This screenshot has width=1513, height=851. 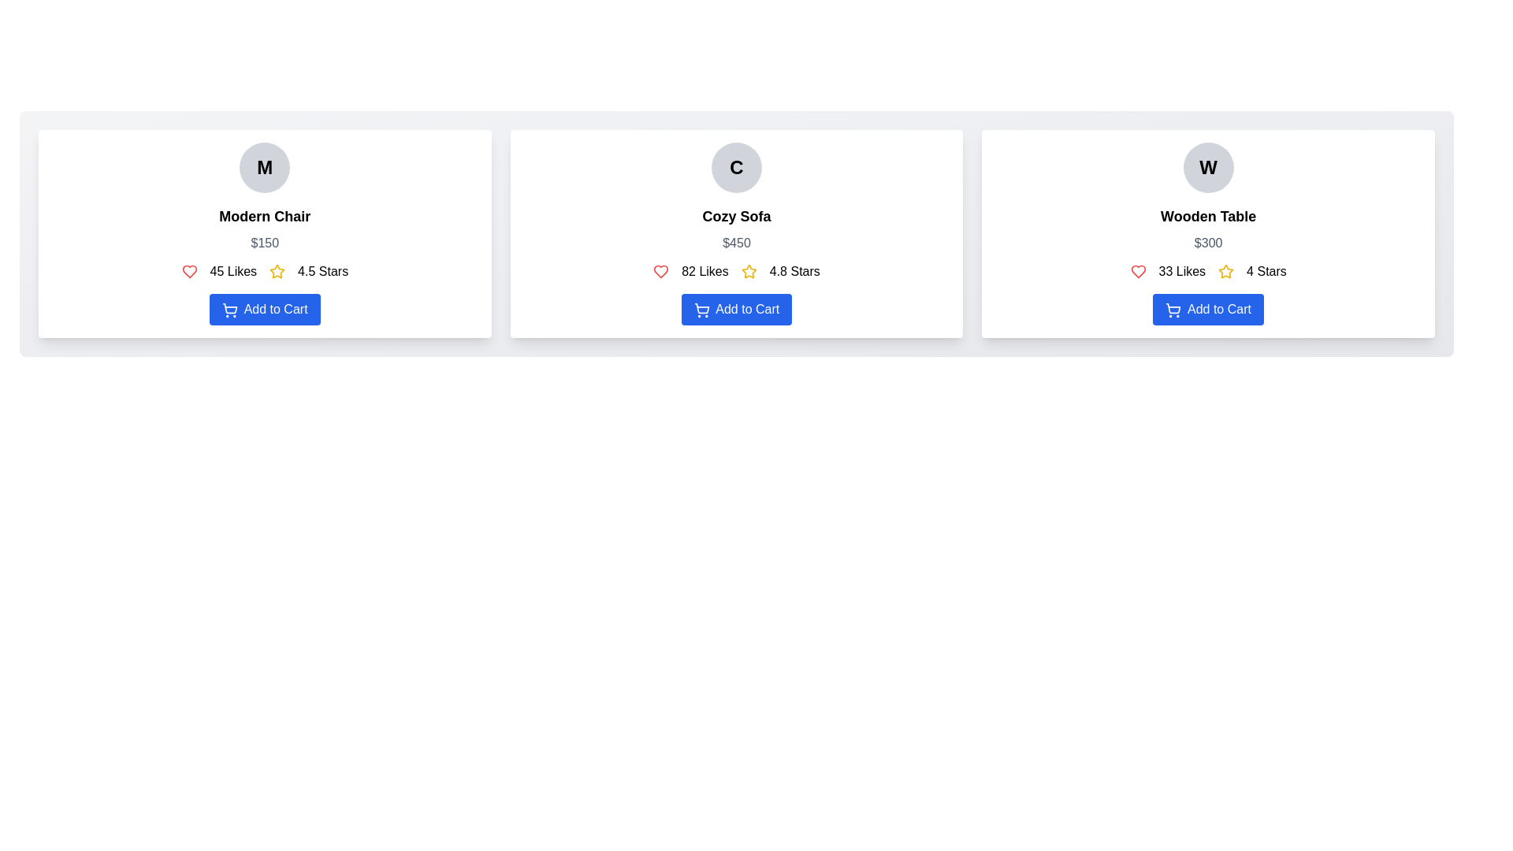 I want to click on the red heart-shaped icon indicating the liking feature, positioned to the left of '82 Likes' in the 'Cozy Sofa' product card, so click(x=661, y=270).